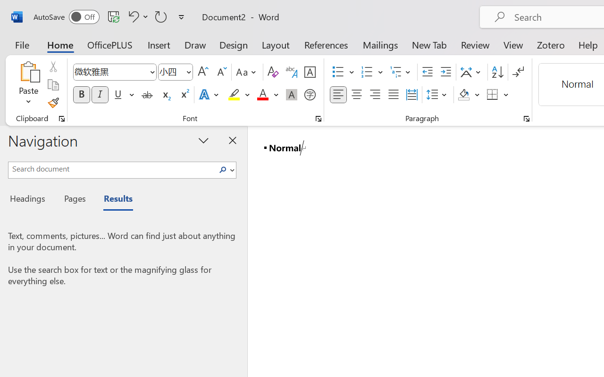  I want to click on 'Borders', so click(497, 95).